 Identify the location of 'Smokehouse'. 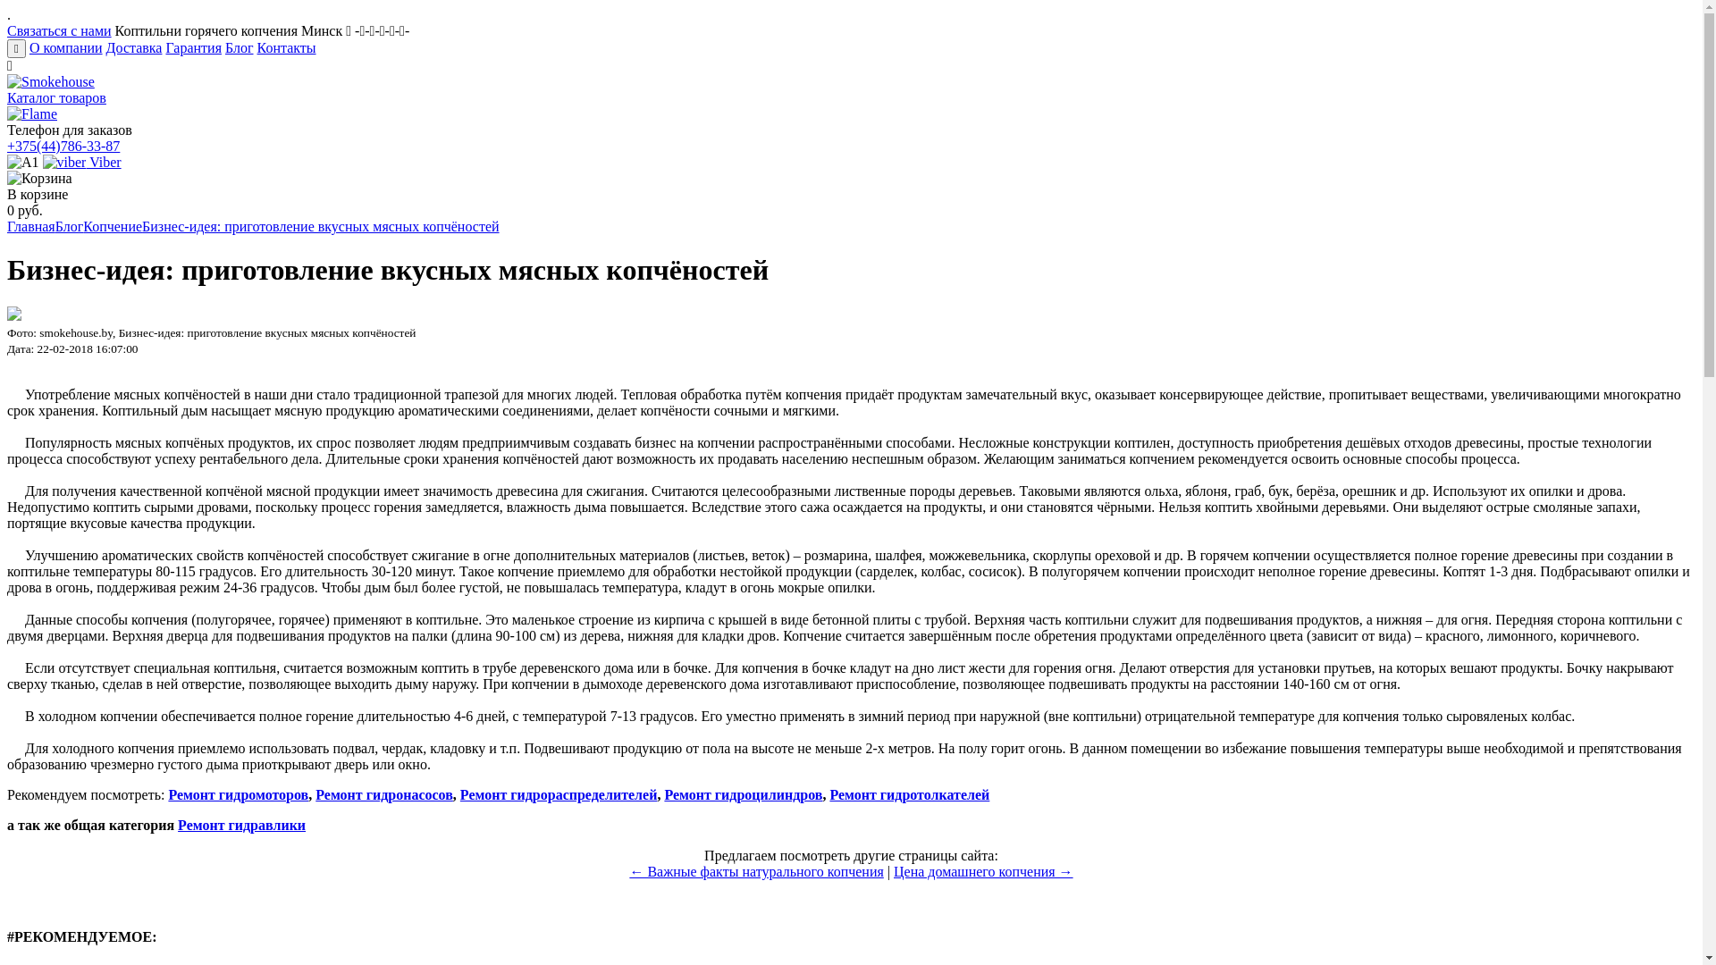
(51, 82).